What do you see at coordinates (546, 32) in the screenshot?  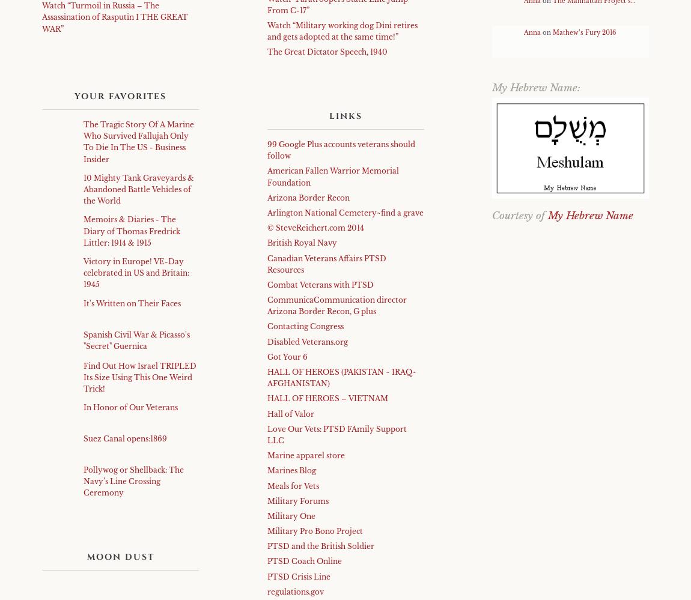 I see `'on'` at bounding box center [546, 32].